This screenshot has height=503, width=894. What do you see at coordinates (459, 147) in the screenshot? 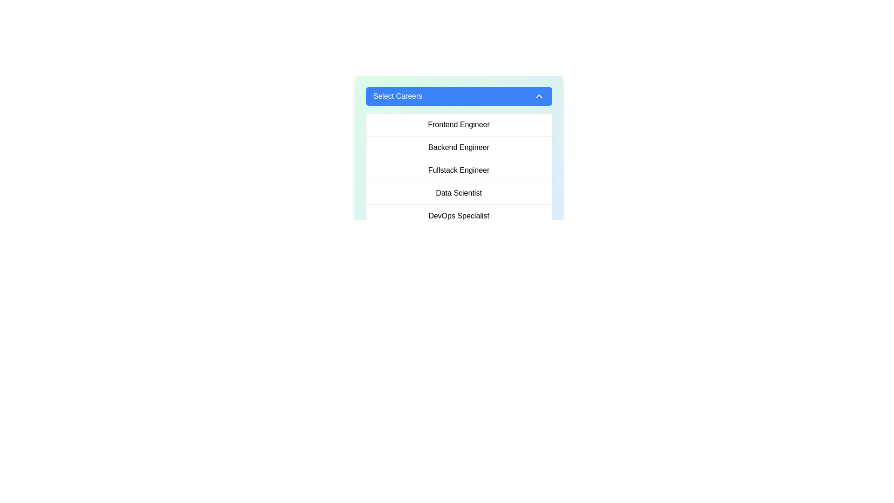
I see `the second selectable list item in the 'Select Careers' dropdown menu` at bounding box center [459, 147].